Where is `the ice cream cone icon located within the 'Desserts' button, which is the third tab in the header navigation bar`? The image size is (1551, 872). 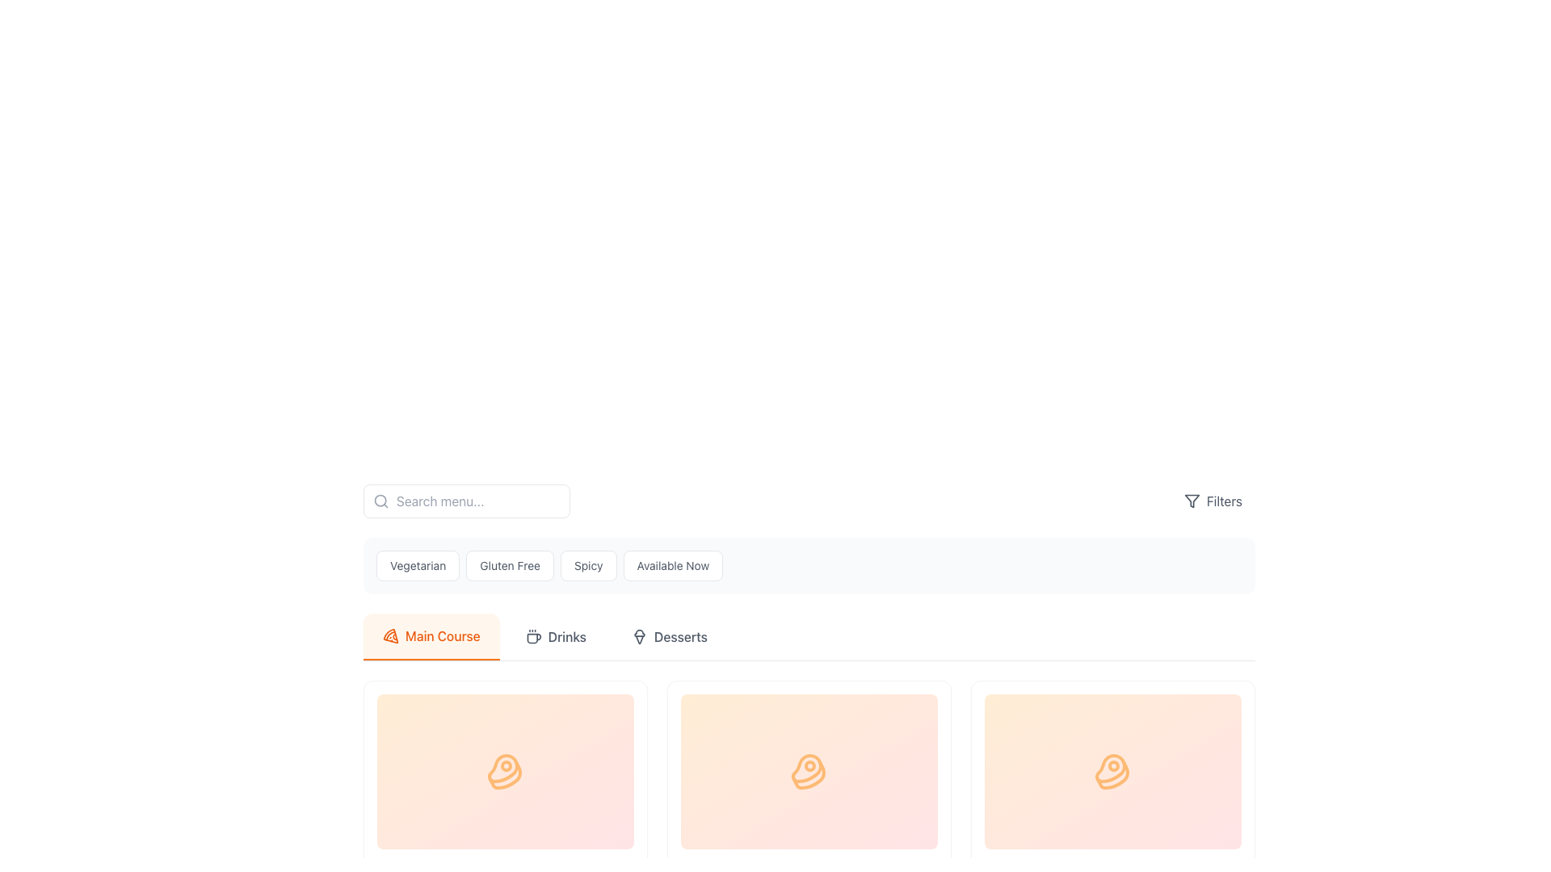 the ice cream cone icon located within the 'Desserts' button, which is the third tab in the header navigation bar is located at coordinates (639, 636).